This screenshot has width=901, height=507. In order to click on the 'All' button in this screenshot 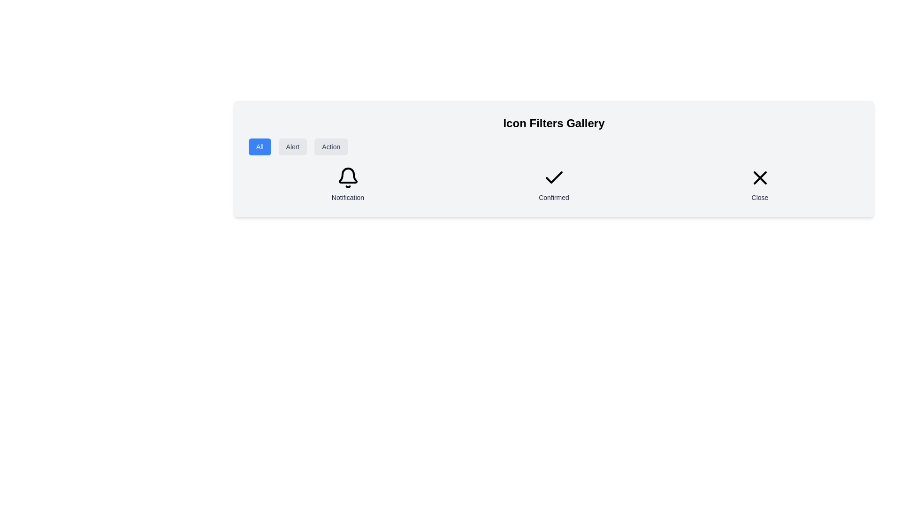, I will do `click(260, 146)`.